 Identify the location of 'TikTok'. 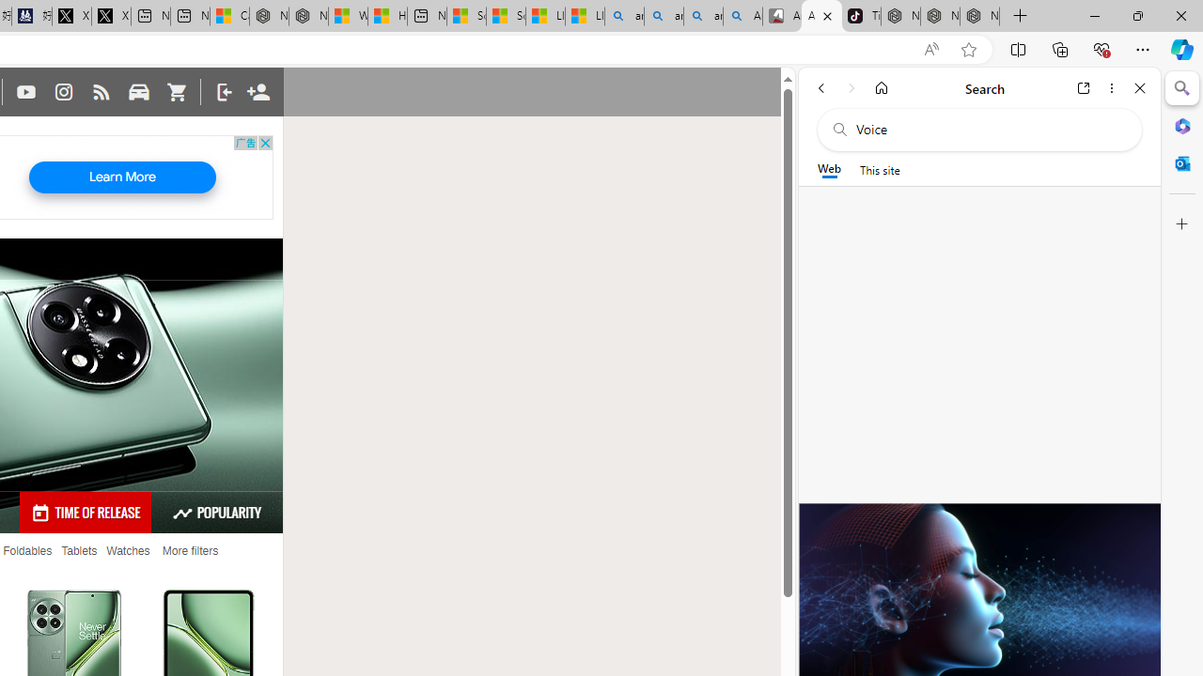
(860, 16).